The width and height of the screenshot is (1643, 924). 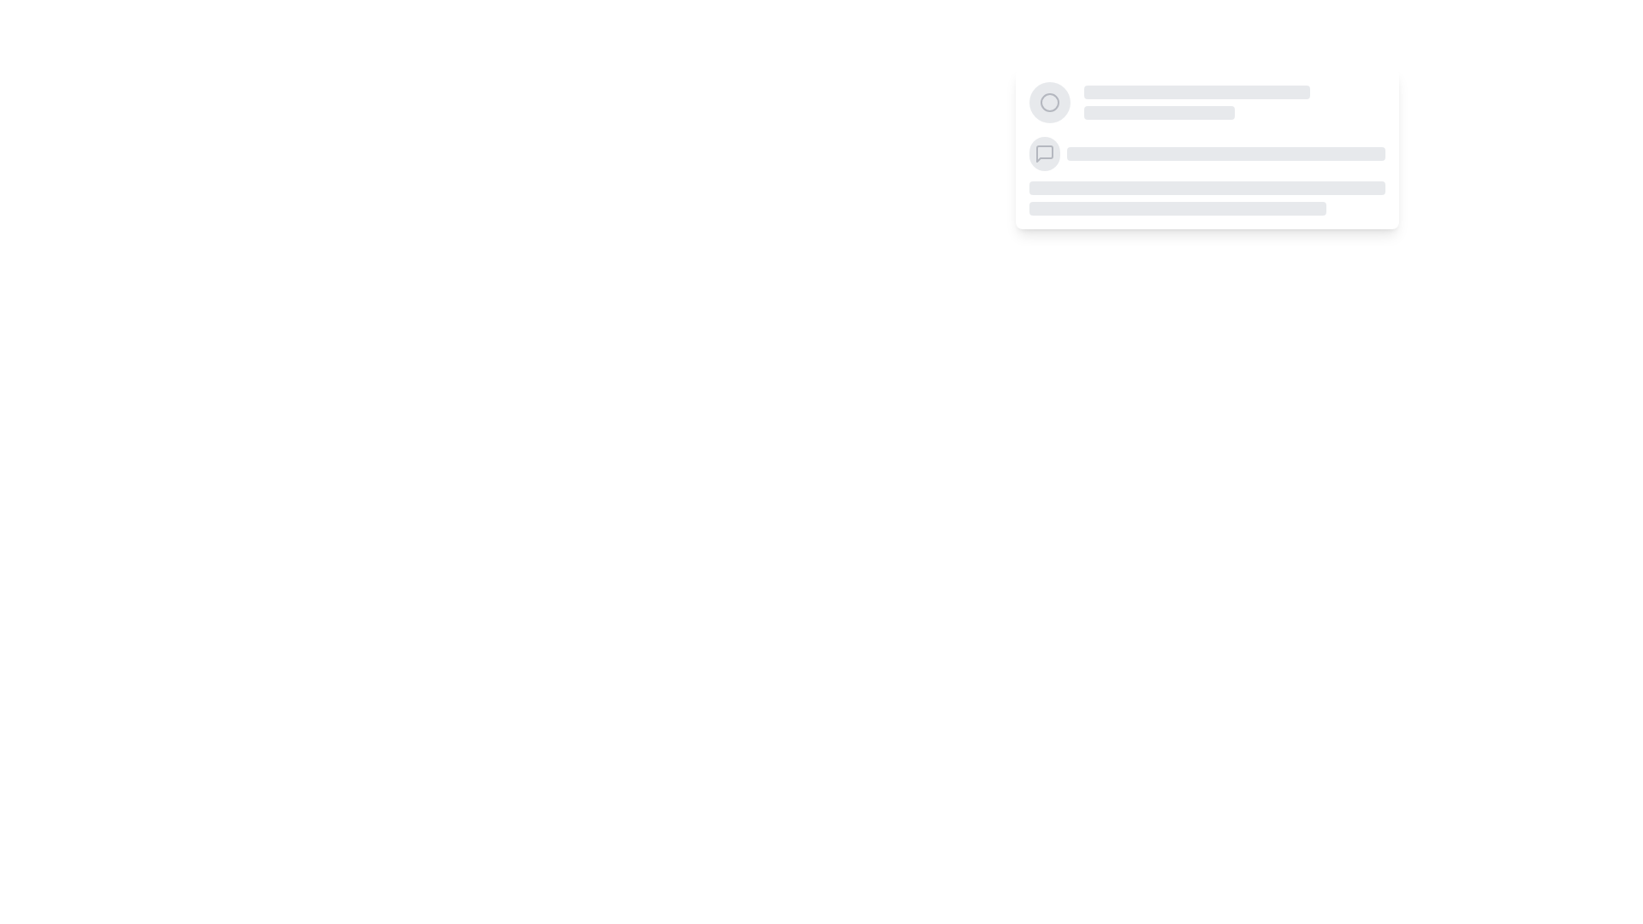 I want to click on the messaging feature icon located at the bottom right corner of the interface, so click(x=1043, y=154).